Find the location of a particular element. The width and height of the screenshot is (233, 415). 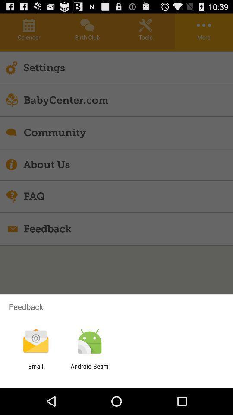

icon next to the android beam item is located at coordinates (35, 370).